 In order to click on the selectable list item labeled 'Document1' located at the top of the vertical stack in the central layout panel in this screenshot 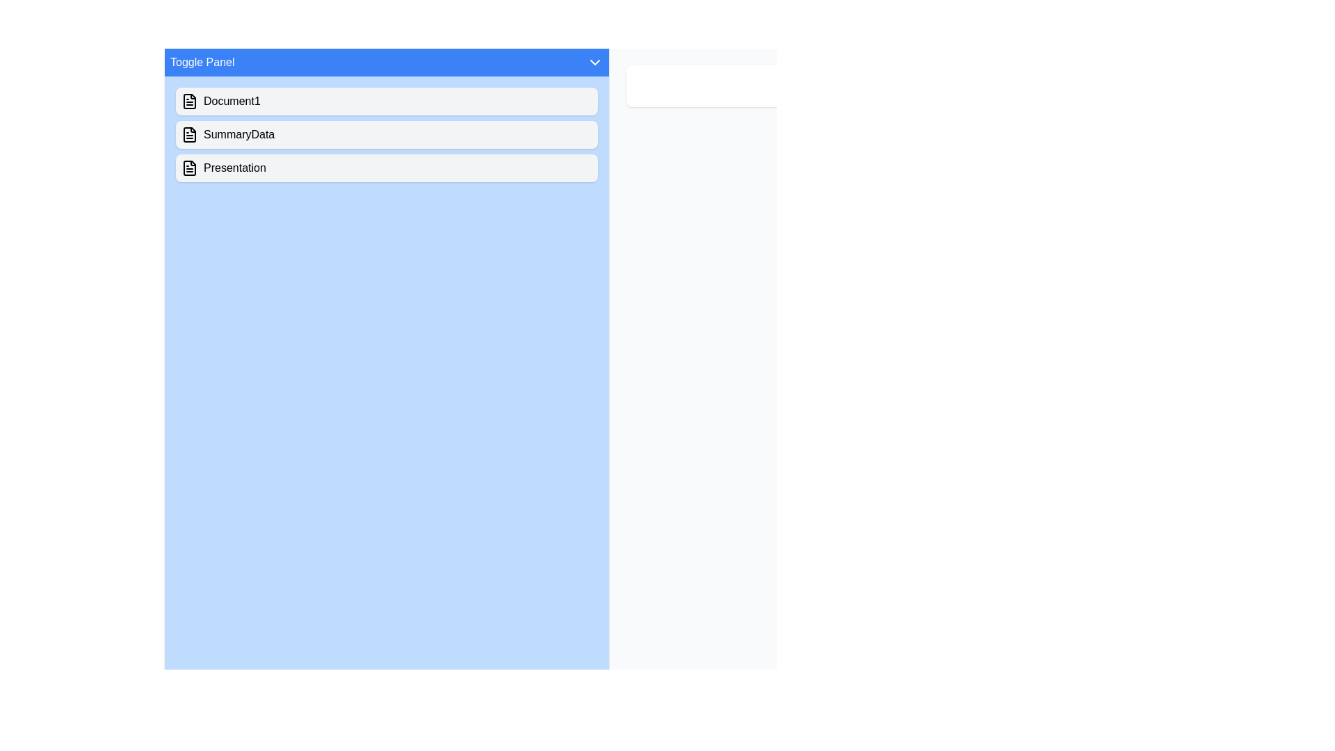, I will do `click(387, 101)`.